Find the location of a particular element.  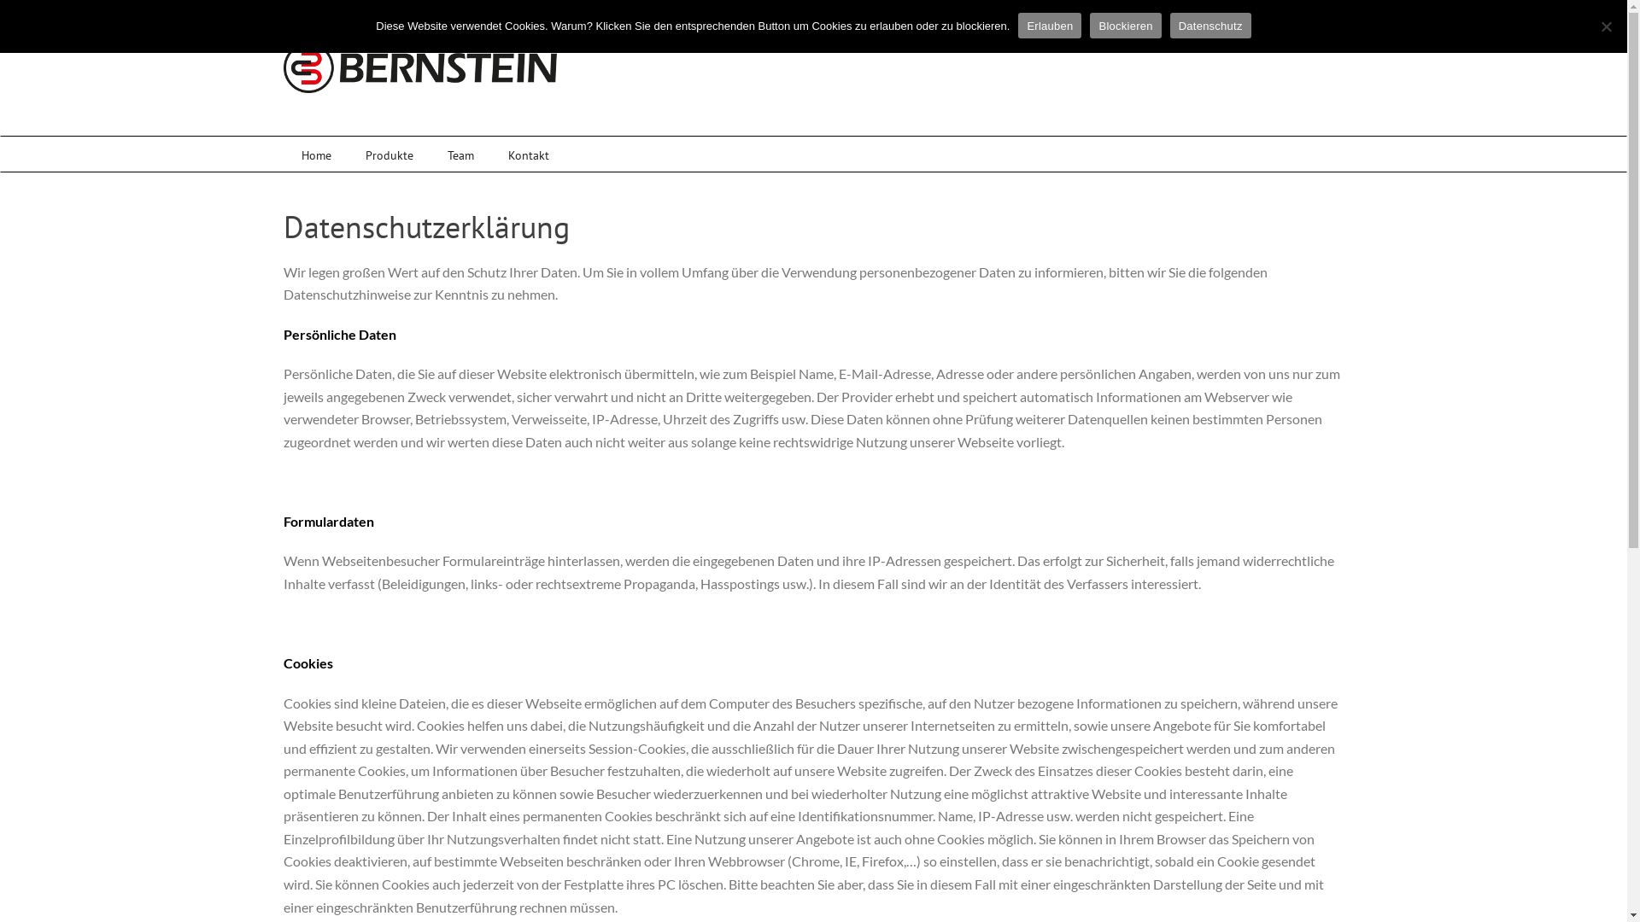

'Datenschutz' is located at coordinates (1209, 26).